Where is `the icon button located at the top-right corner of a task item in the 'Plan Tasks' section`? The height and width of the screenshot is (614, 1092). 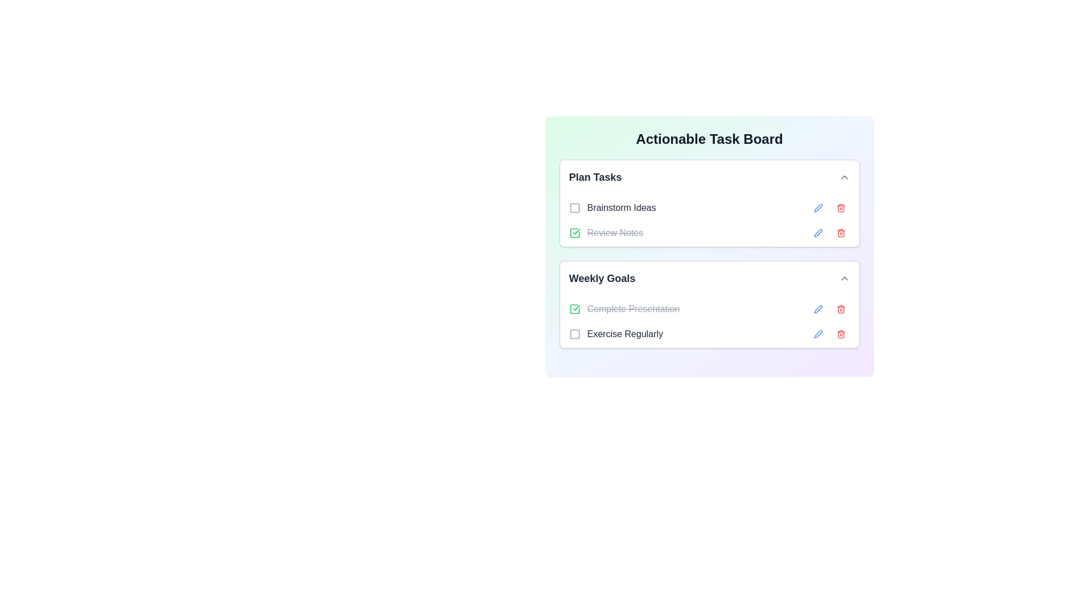
the icon button located at the top-right corner of a task item in the 'Plan Tasks' section is located at coordinates (841, 232).